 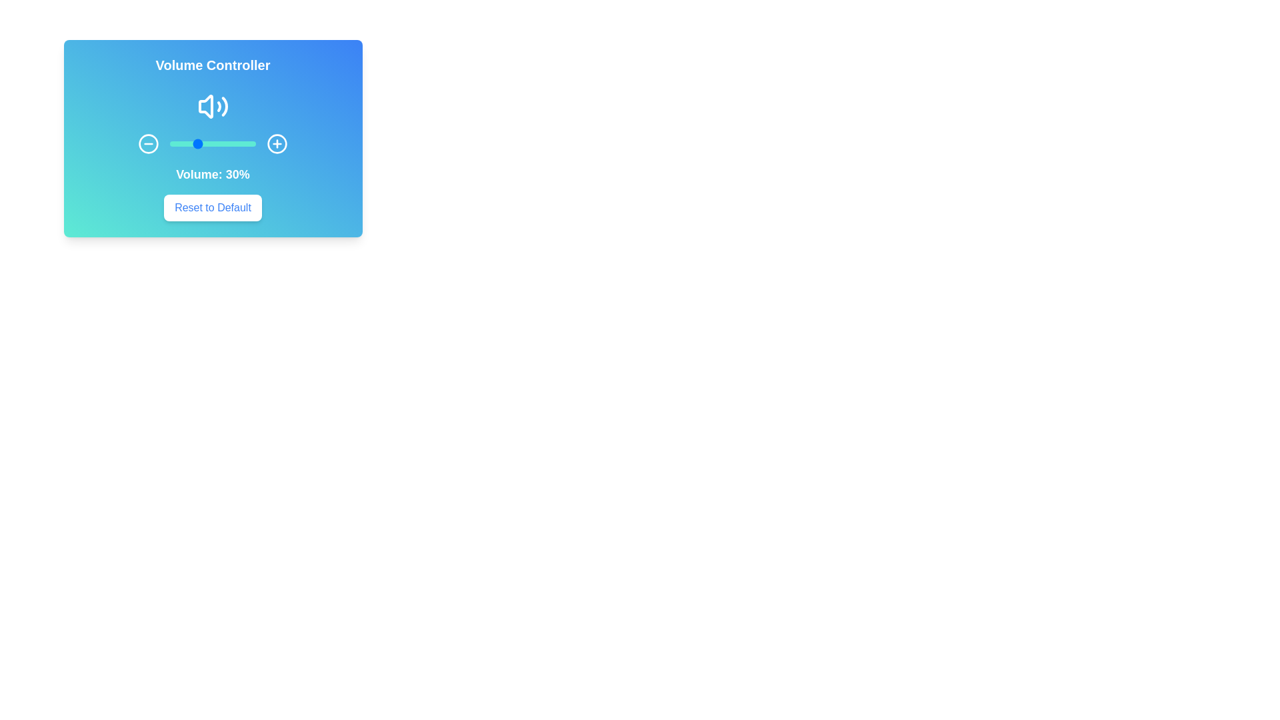 I want to click on the volume slider to 32%, so click(x=197, y=144).